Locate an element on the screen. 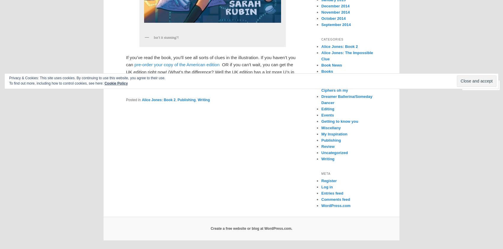 This screenshot has width=503, height=249. 'My Inspiration' is located at coordinates (334, 133).